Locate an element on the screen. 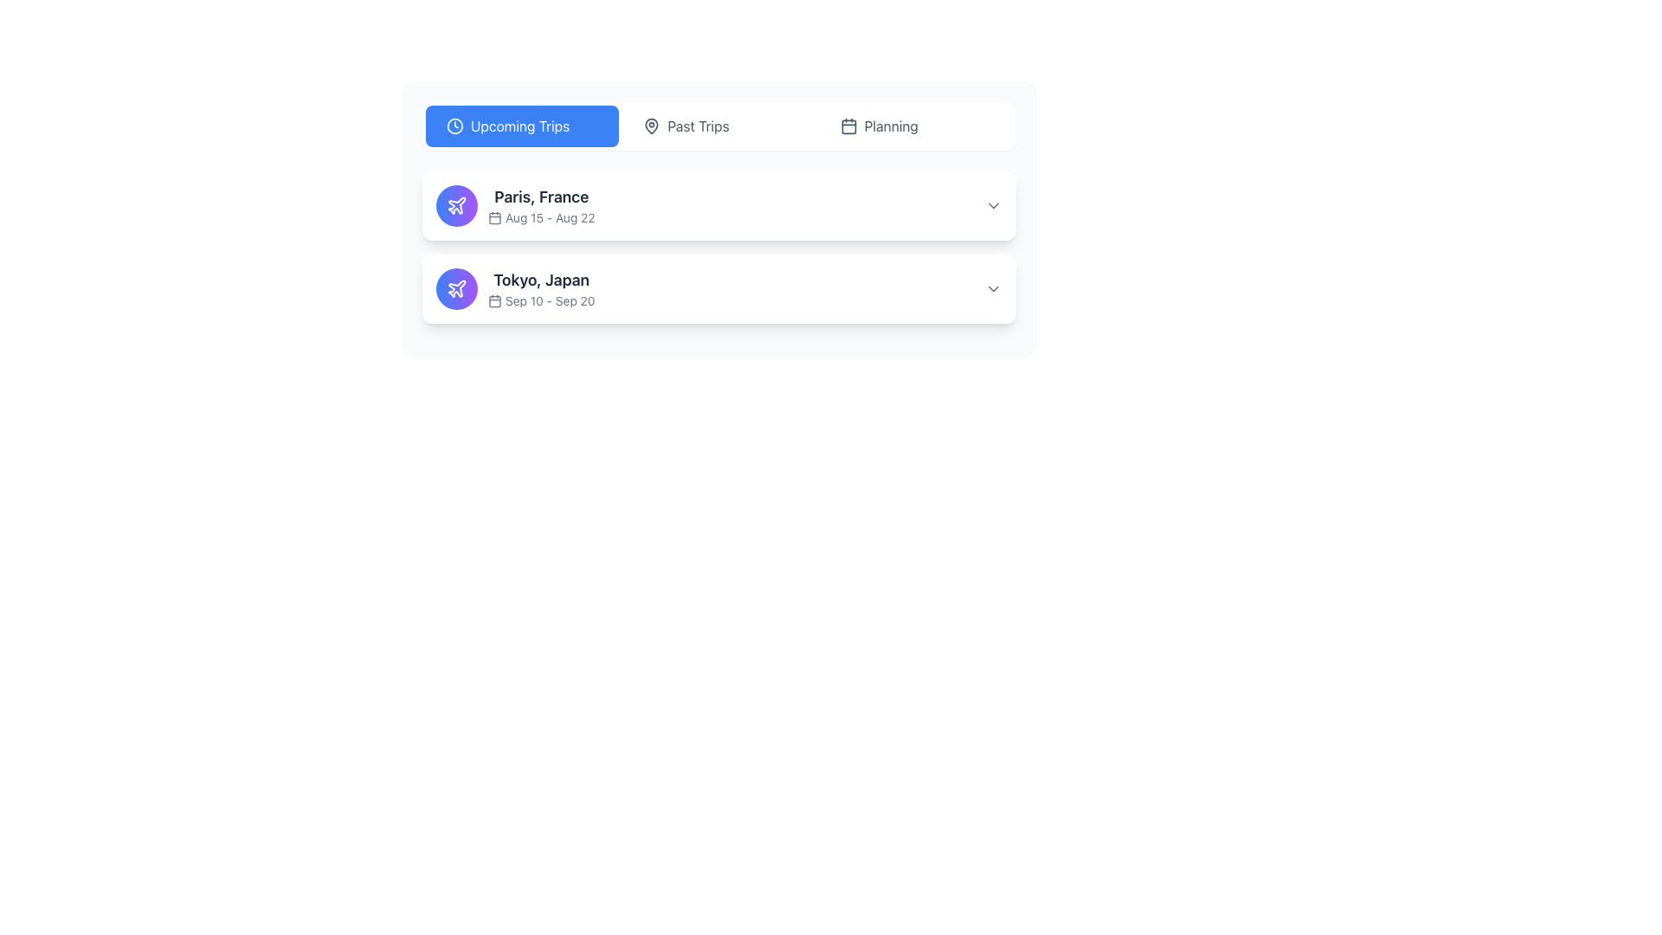 Image resolution: width=1662 pixels, height=935 pixels. the Text Label that serves as the title or main descriptor for a trip destination, positioned above the date range and aligned with an icon to the left is located at coordinates (540, 196).